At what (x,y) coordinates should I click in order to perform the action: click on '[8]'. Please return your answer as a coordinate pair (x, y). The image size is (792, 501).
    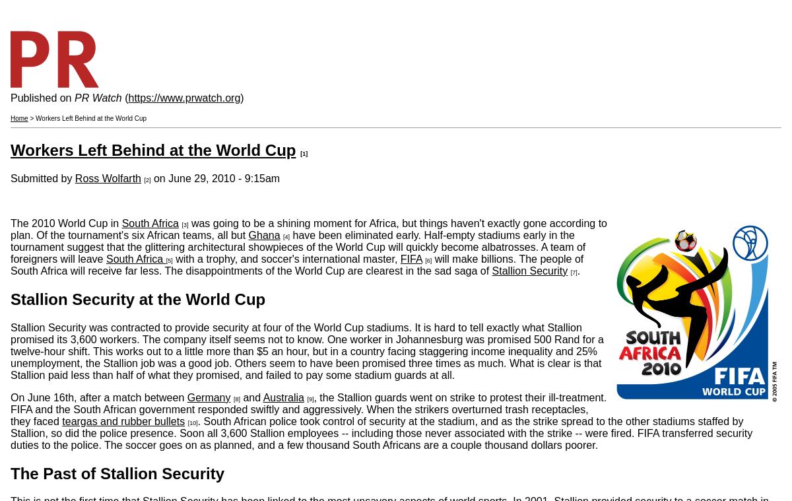
    Looking at the image, I should click on (236, 398).